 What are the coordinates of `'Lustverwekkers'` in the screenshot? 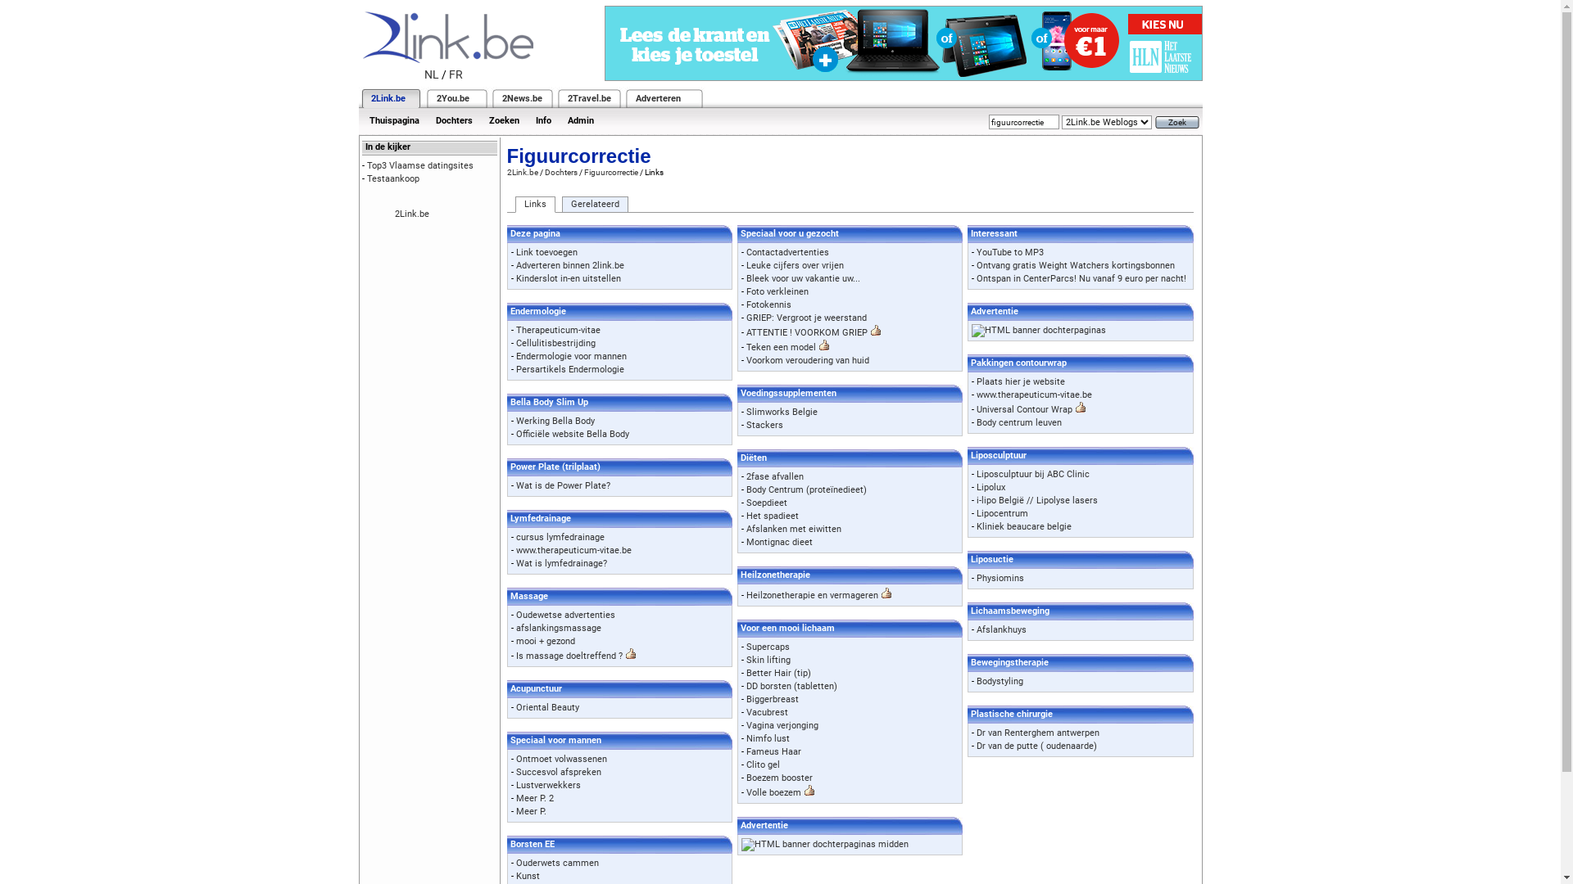 It's located at (515, 784).